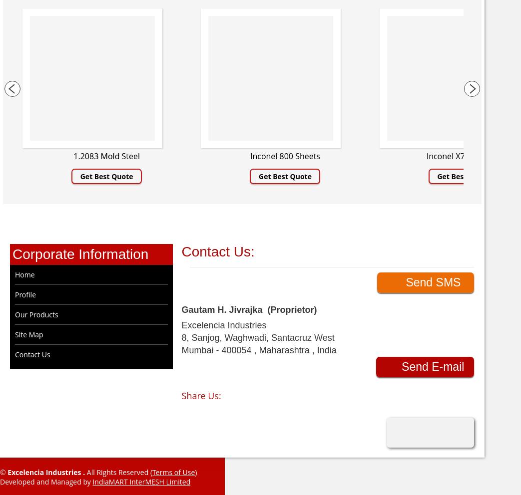 The height and width of the screenshot is (495, 521). I want to click on '8, Sanjog, Waghwadi, Santacruz West', so click(257, 337).